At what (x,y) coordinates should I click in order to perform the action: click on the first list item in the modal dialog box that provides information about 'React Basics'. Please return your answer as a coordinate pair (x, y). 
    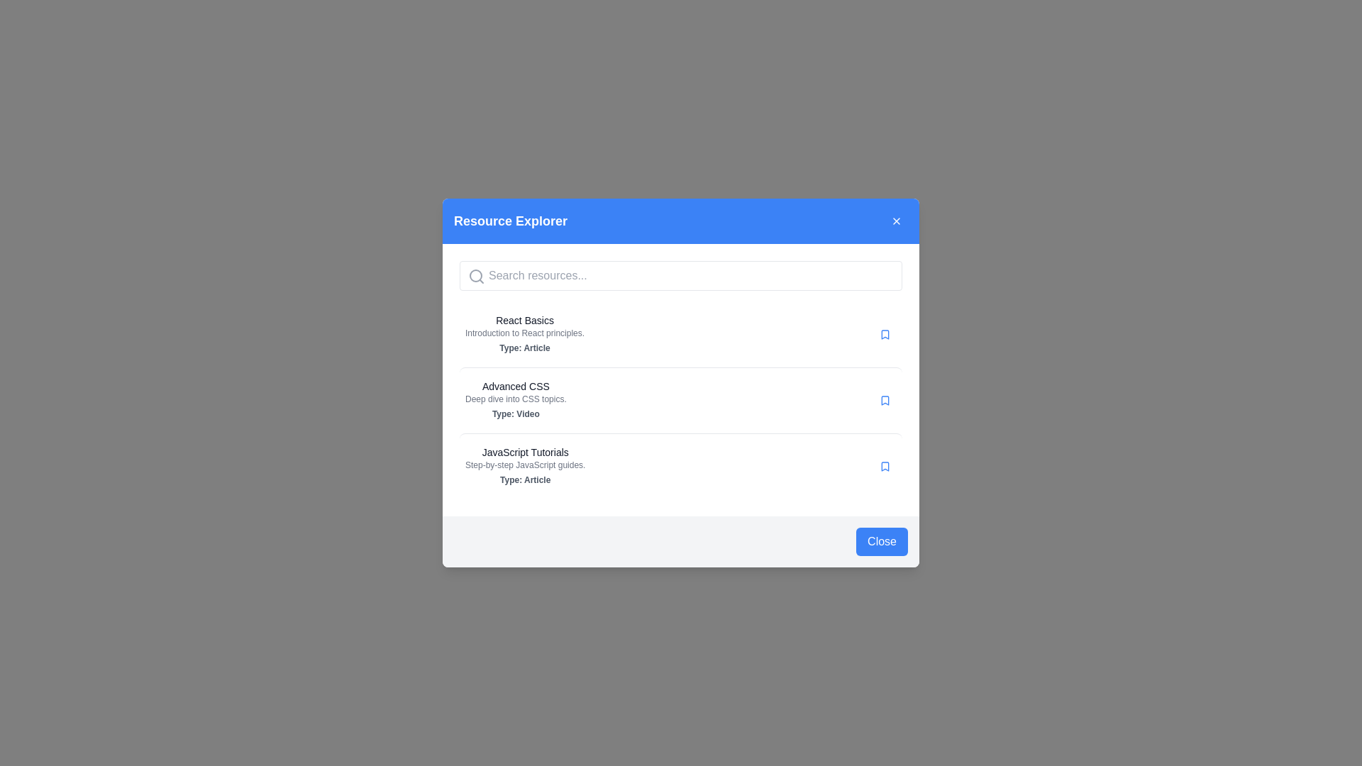
    Looking at the image, I should click on (681, 334).